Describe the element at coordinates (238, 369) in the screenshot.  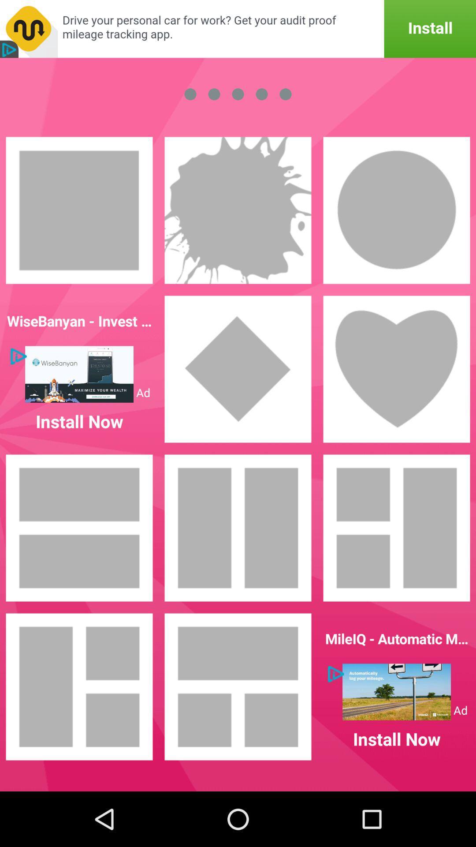
I see `choose this shape` at that location.